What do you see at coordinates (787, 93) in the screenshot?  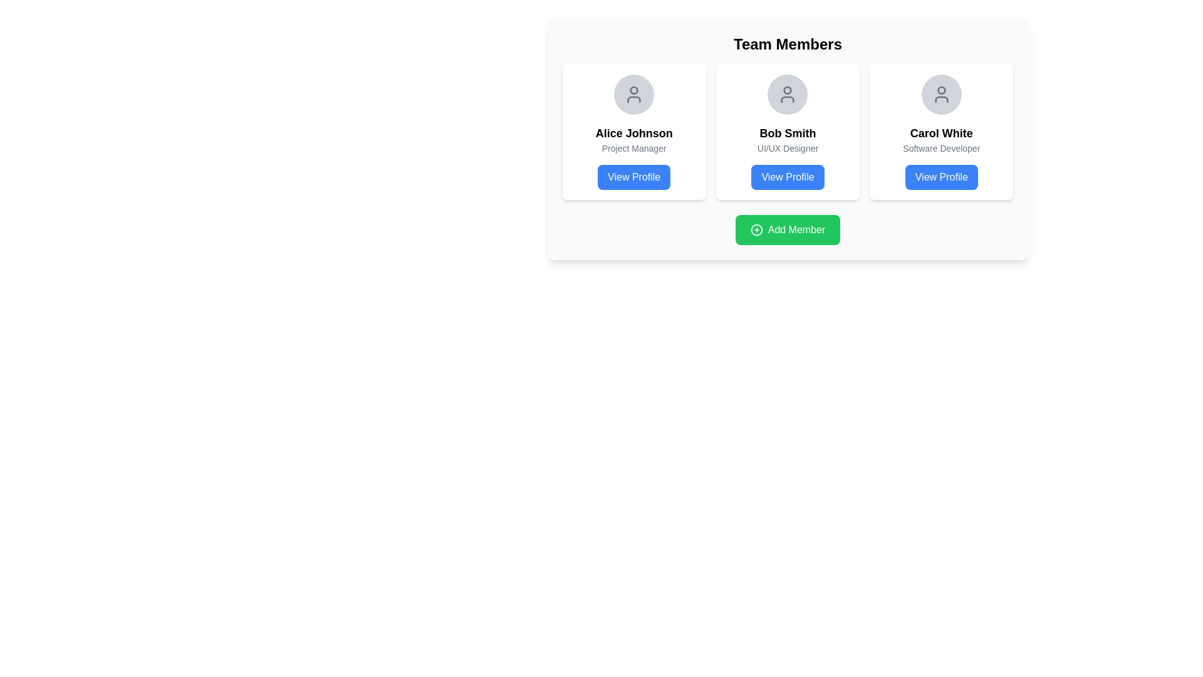 I see `the circular grey avatar placeholder with an embedded person icon located in the upper central part of the card labeled 'Bob Smith', above the text 'UI/UX Designer' and the 'View Profile' button` at bounding box center [787, 93].